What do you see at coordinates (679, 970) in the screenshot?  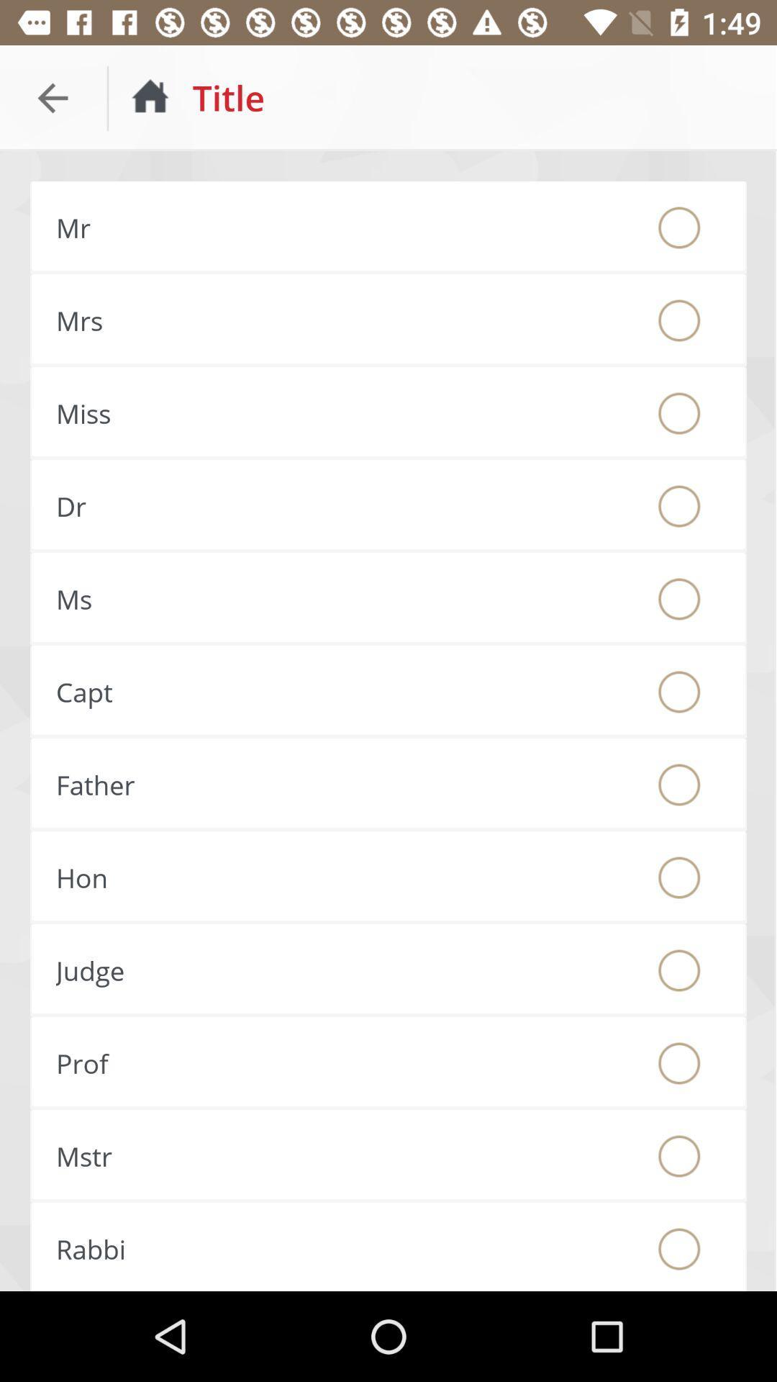 I see `this will fill in the radio button` at bounding box center [679, 970].